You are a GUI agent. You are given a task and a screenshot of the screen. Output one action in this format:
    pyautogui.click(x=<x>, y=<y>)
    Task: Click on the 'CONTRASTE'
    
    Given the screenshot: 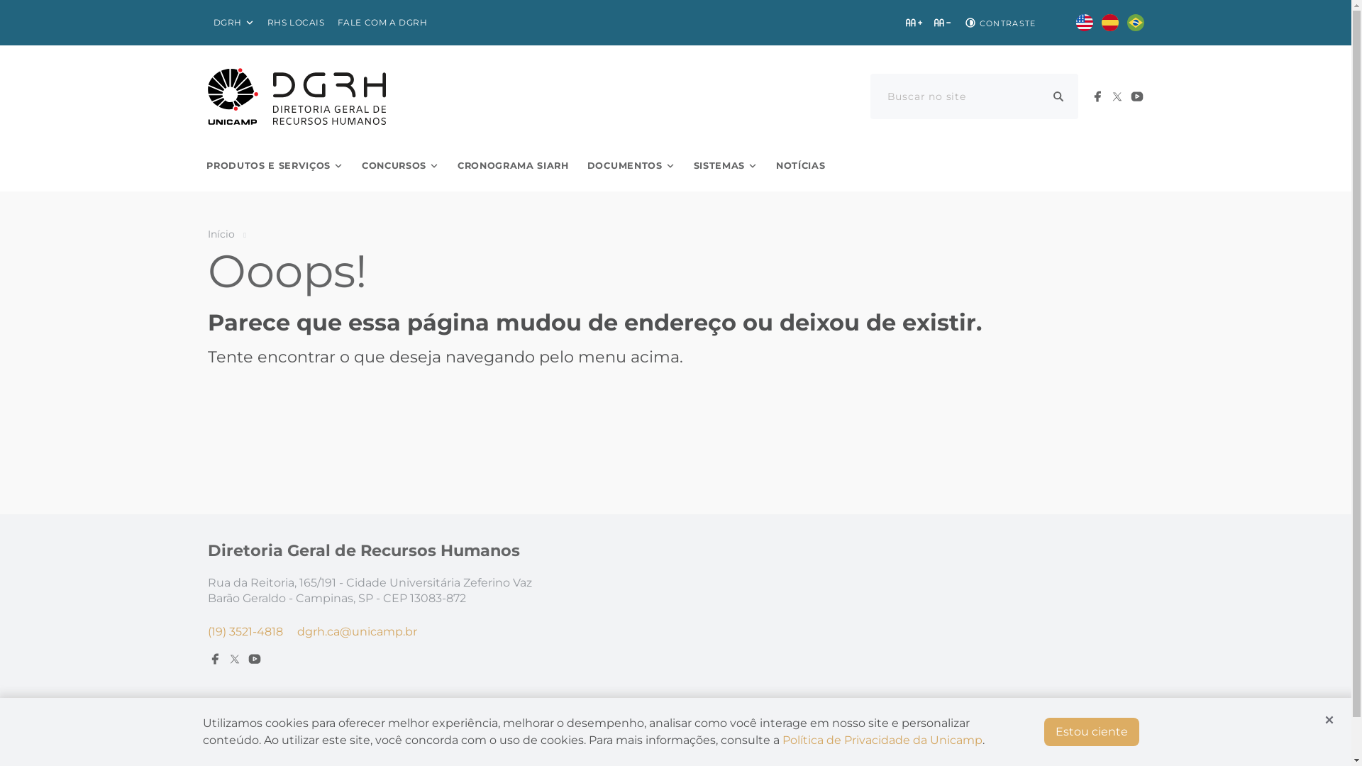 What is the action you would take?
    pyautogui.click(x=998, y=22)
    